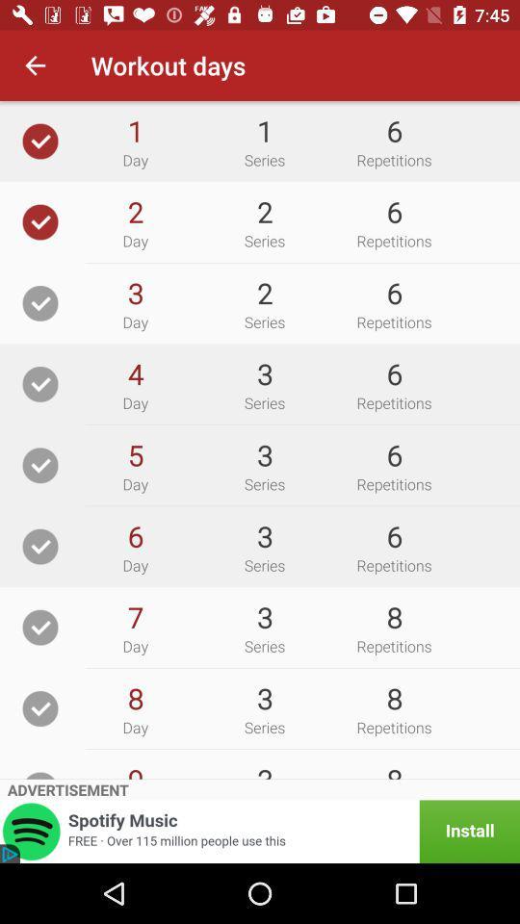 The image size is (520, 924). What do you see at coordinates (134, 372) in the screenshot?
I see `the item above day item` at bounding box center [134, 372].